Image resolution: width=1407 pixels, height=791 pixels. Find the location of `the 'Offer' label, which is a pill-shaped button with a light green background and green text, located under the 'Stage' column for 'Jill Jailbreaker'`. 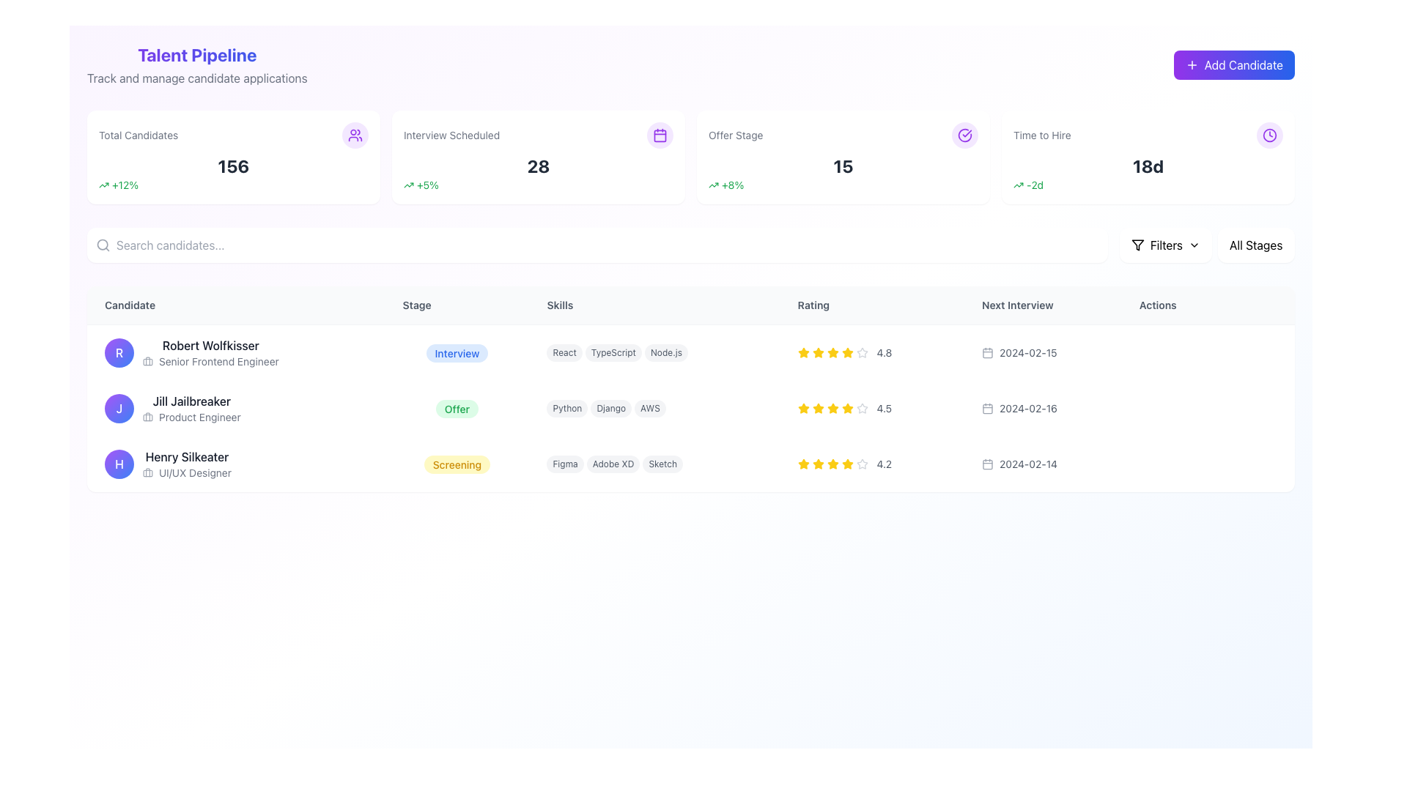

the 'Offer' label, which is a pill-shaped button with a light green background and green text, located under the 'Stage' column for 'Jill Jailbreaker' is located at coordinates (457, 409).